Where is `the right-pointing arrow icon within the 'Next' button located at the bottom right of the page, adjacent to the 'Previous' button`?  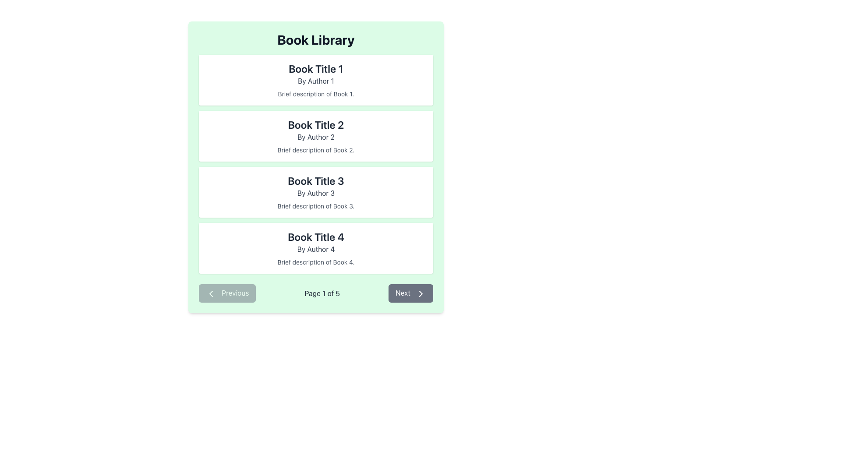
the right-pointing arrow icon within the 'Next' button located at the bottom right of the page, adjacent to the 'Previous' button is located at coordinates (420, 293).